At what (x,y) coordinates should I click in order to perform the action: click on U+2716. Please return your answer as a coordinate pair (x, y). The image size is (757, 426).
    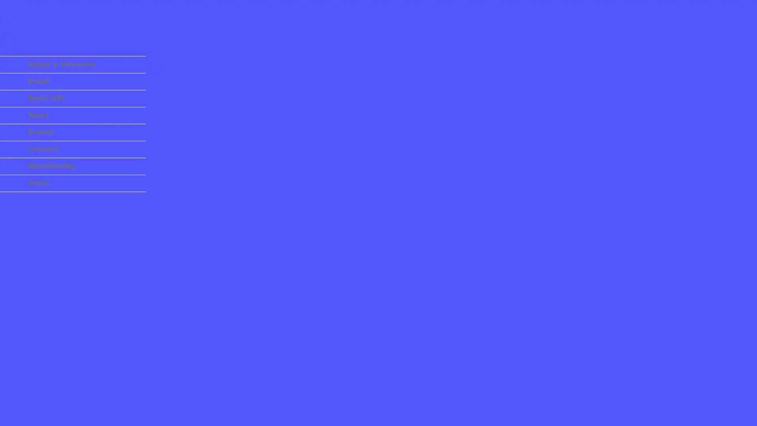
    Looking at the image, I should click on (543, 152).